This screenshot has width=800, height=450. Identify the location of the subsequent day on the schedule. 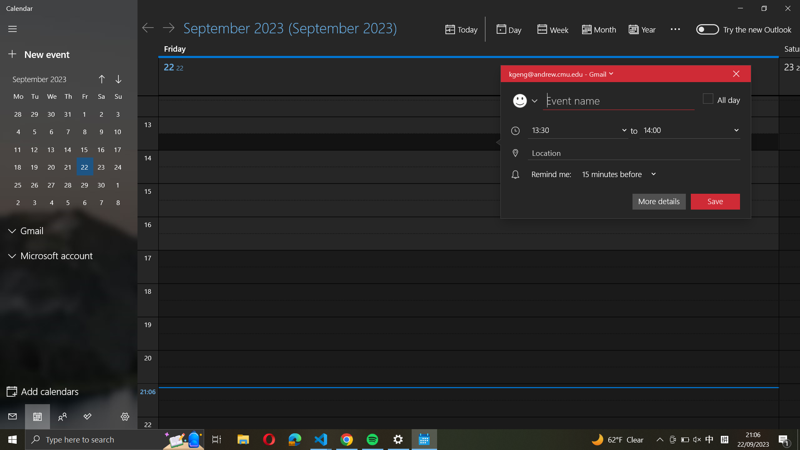
(168, 27).